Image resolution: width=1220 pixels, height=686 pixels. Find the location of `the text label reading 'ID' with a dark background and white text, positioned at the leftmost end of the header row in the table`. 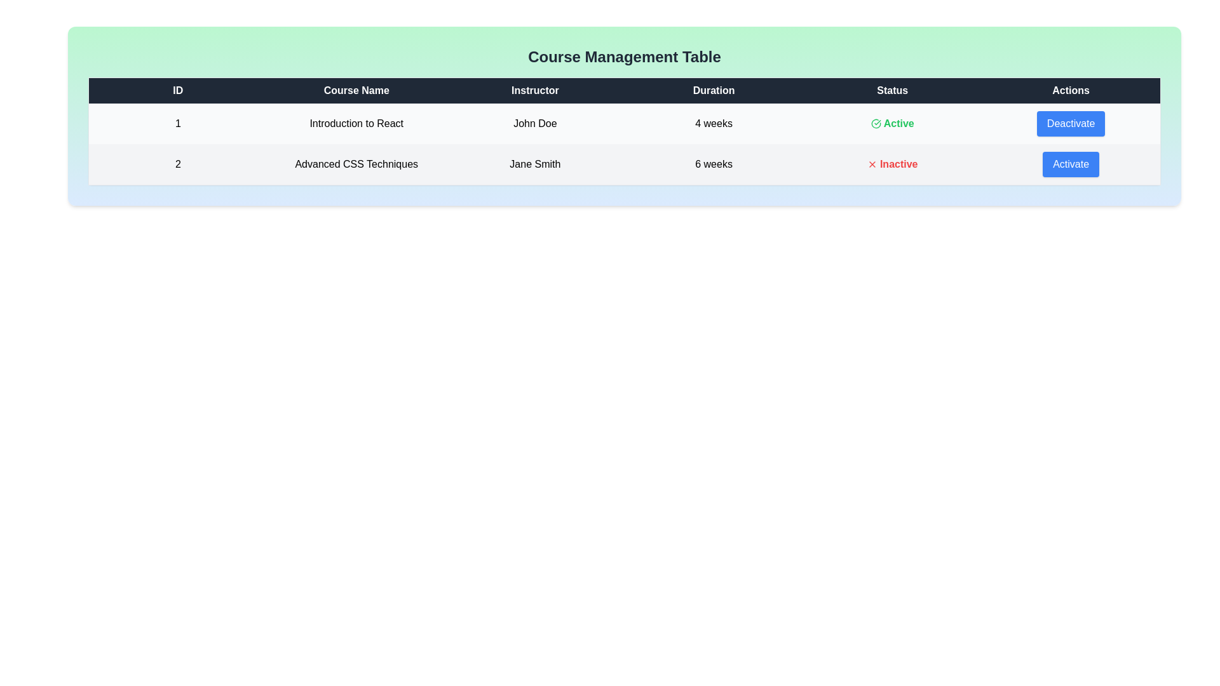

the text label reading 'ID' with a dark background and white text, positioned at the leftmost end of the header row in the table is located at coordinates (177, 90).